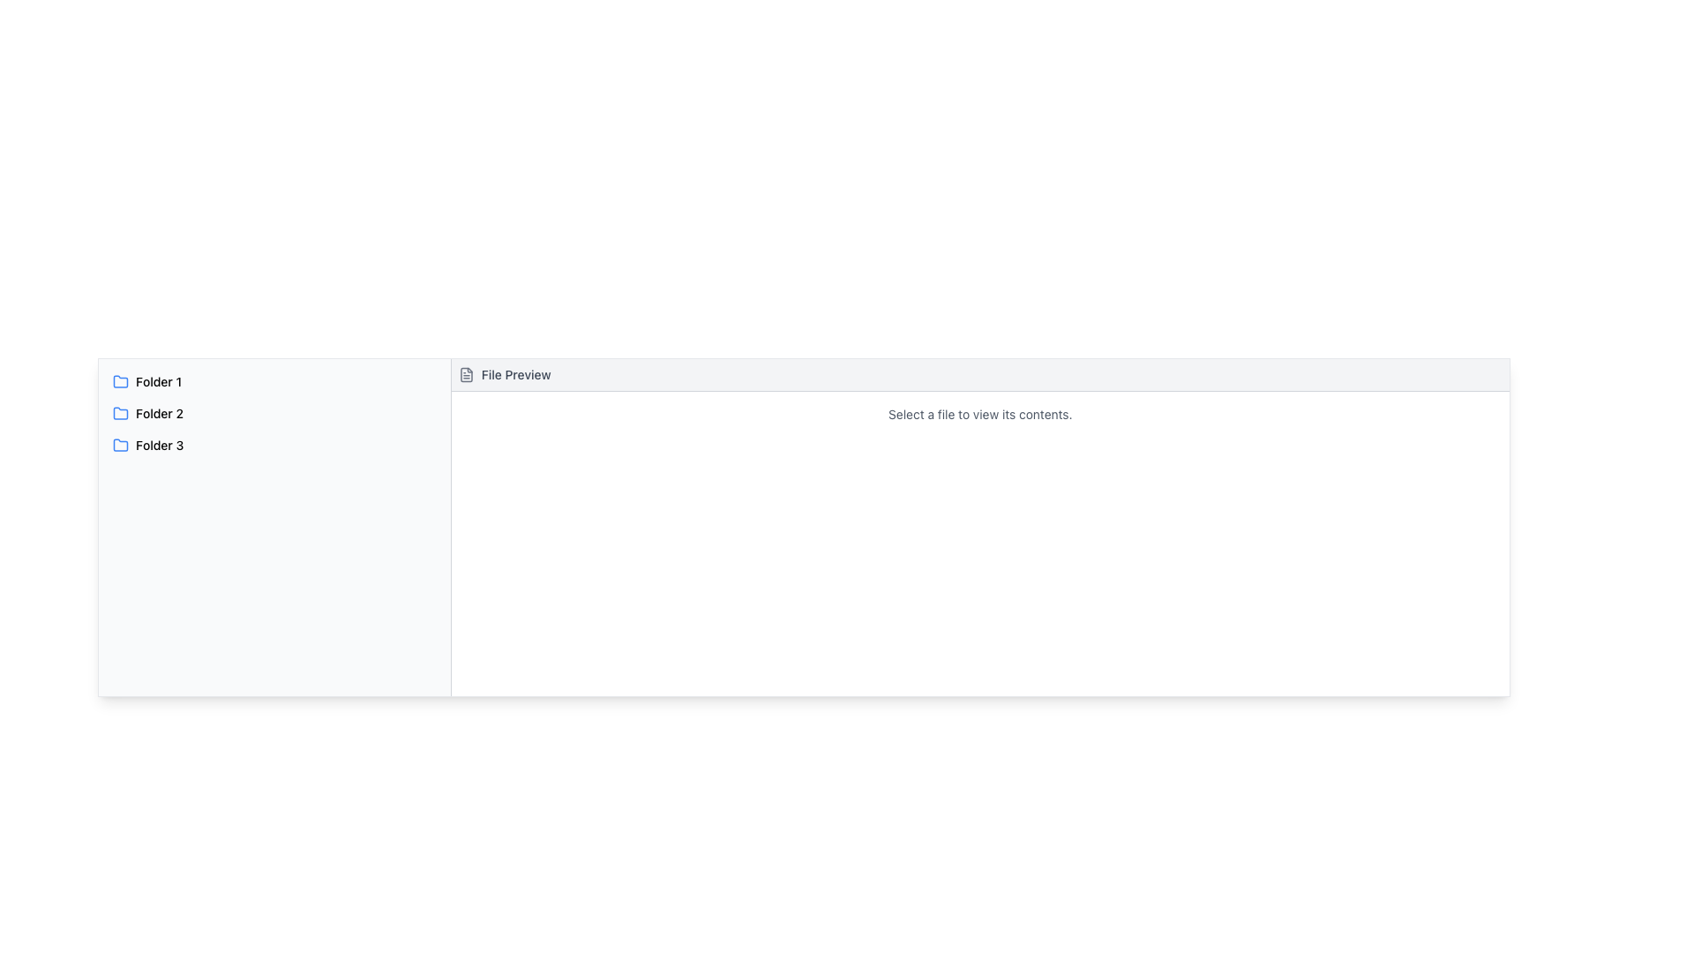  I want to click on the blue folder icon located to the left of the text label 'Folder 1' in the left panel of the interface, so click(120, 380).